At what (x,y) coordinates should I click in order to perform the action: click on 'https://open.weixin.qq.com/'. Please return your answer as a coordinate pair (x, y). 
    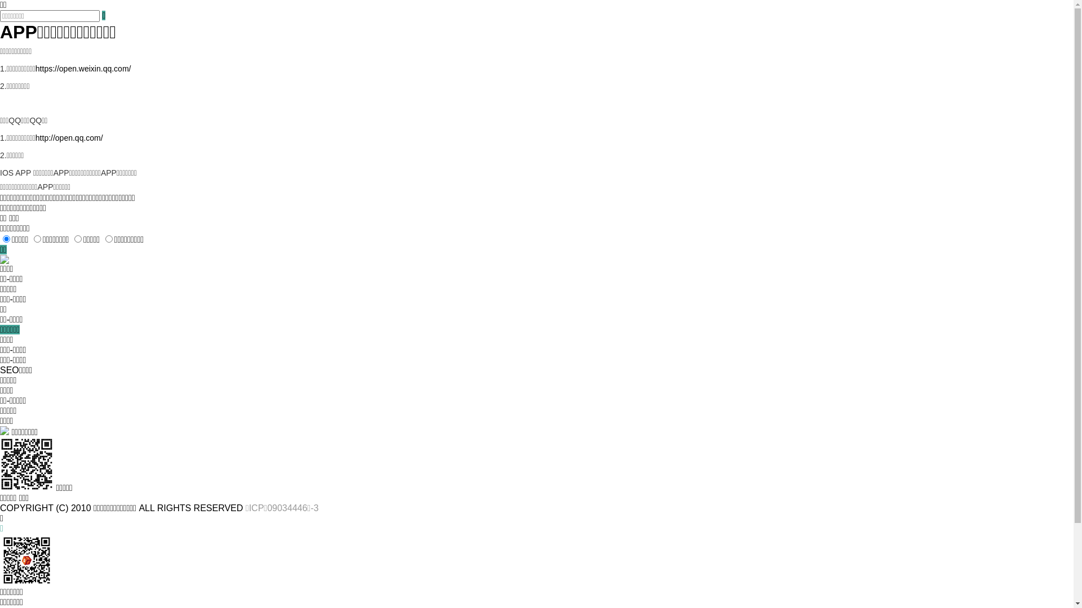
    Looking at the image, I should click on (83, 69).